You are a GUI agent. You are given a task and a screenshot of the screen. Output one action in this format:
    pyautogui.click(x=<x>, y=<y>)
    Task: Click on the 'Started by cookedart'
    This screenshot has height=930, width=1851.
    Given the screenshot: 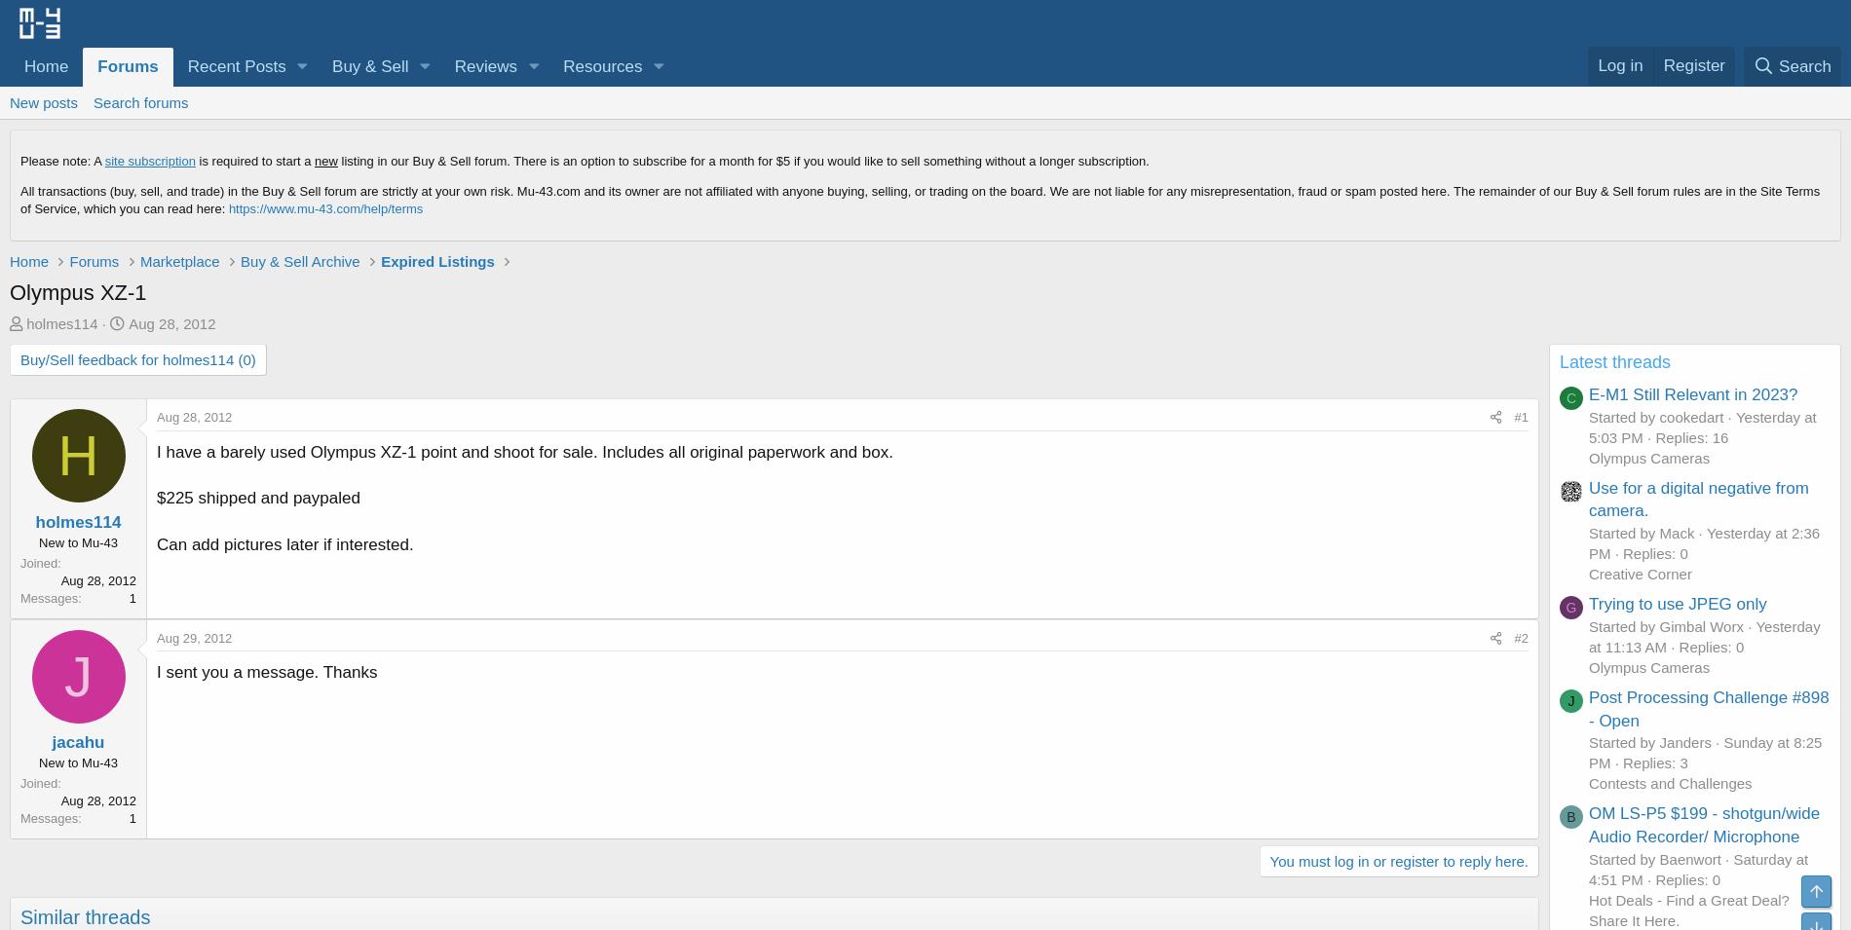 What is the action you would take?
    pyautogui.click(x=1654, y=415)
    